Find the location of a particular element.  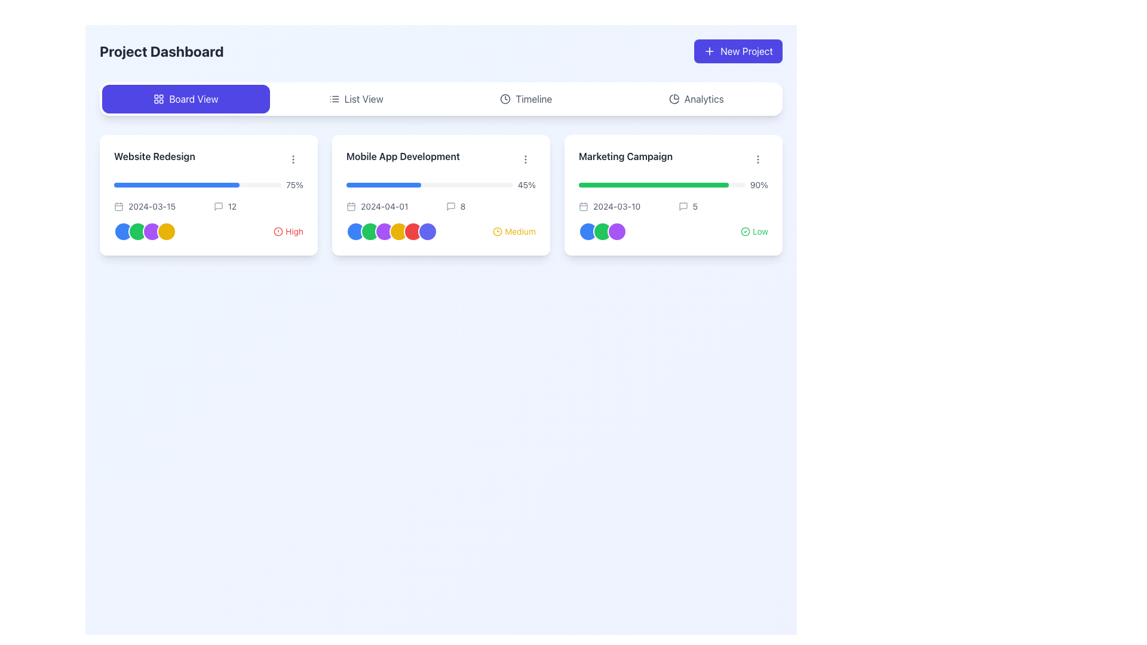

the individual circular icon representing a team member in the lower-left section of the 'Website Redesign' card, located just above the 'High' priority label is located at coordinates (145, 232).